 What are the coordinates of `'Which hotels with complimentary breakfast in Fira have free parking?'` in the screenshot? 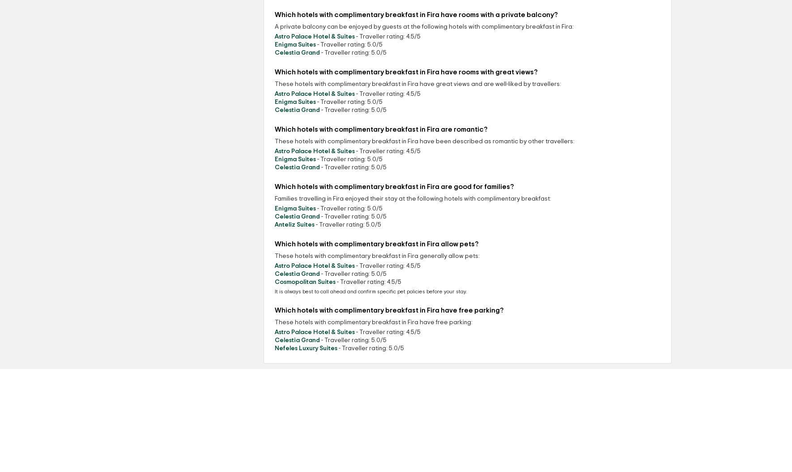 It's located at (274, 310).